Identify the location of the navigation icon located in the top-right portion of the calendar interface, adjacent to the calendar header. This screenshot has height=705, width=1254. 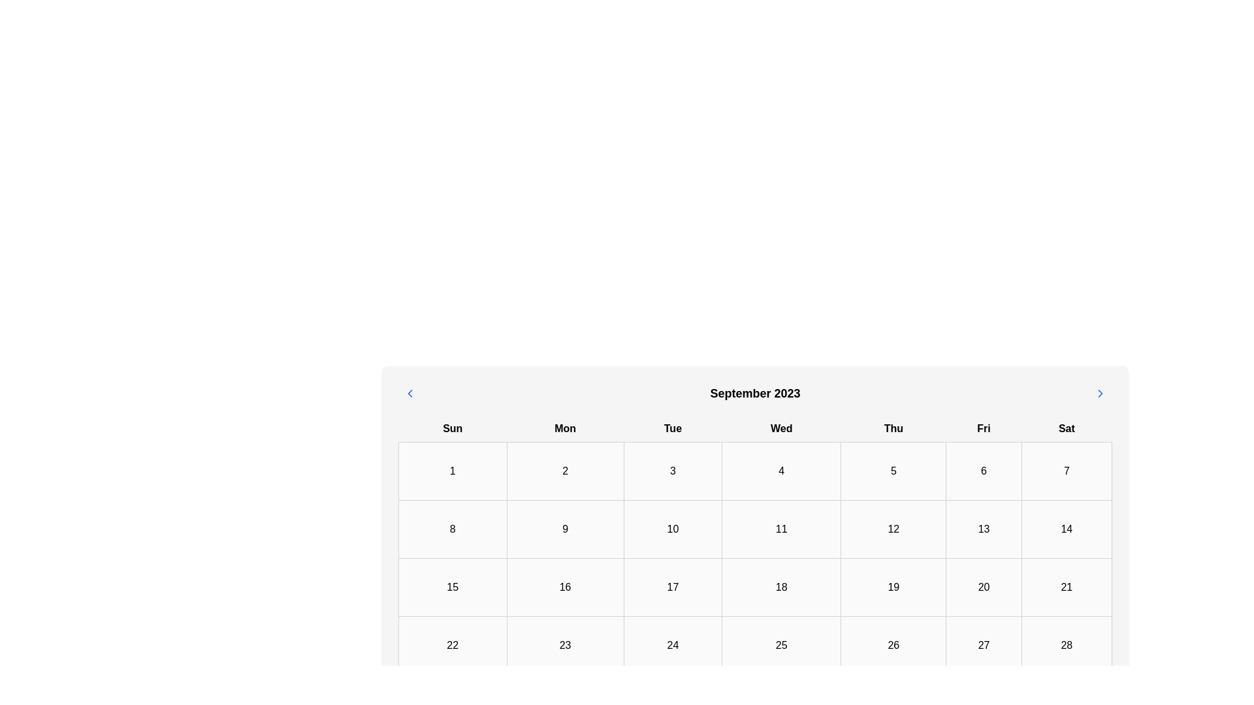
(1099, 392).